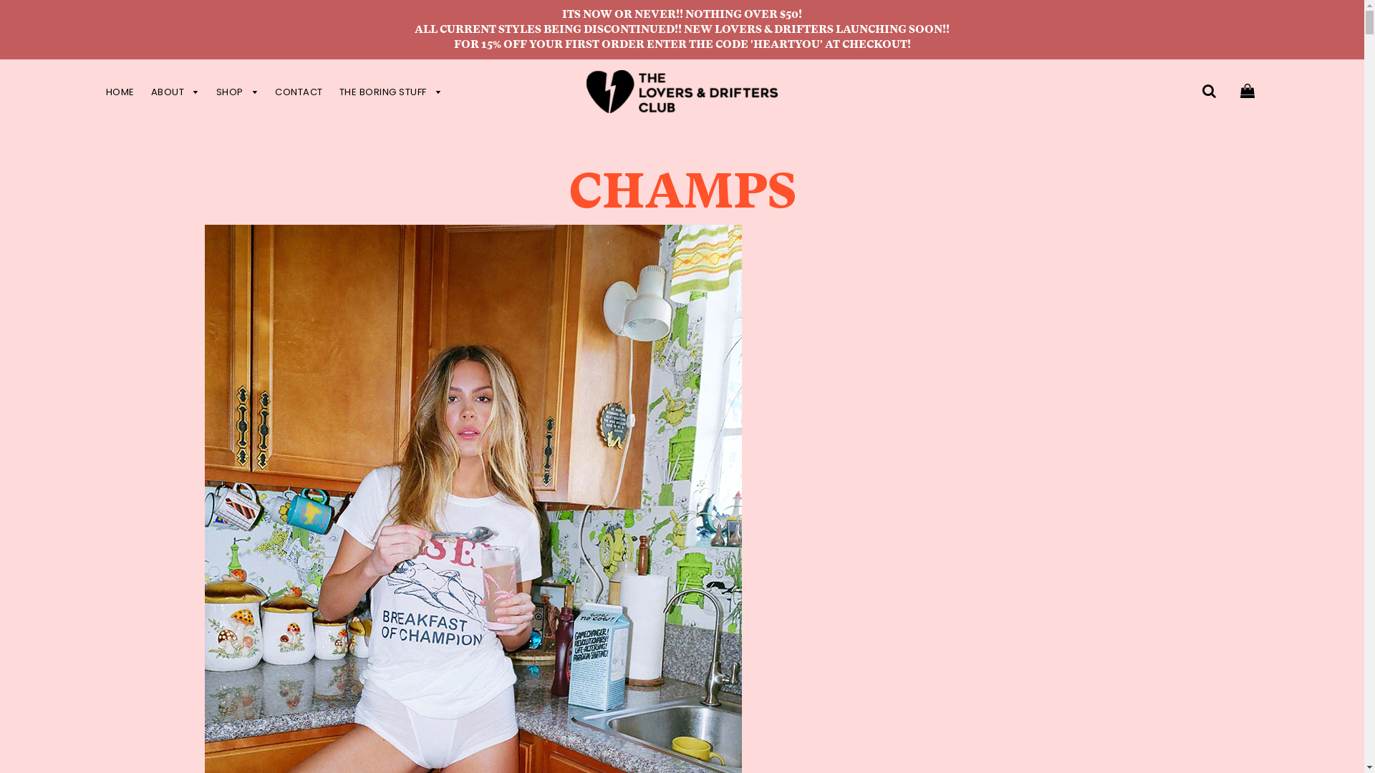  Describe the element at coordinates (237, 92) in the screenshot. I see `'SHOP'` at that location.